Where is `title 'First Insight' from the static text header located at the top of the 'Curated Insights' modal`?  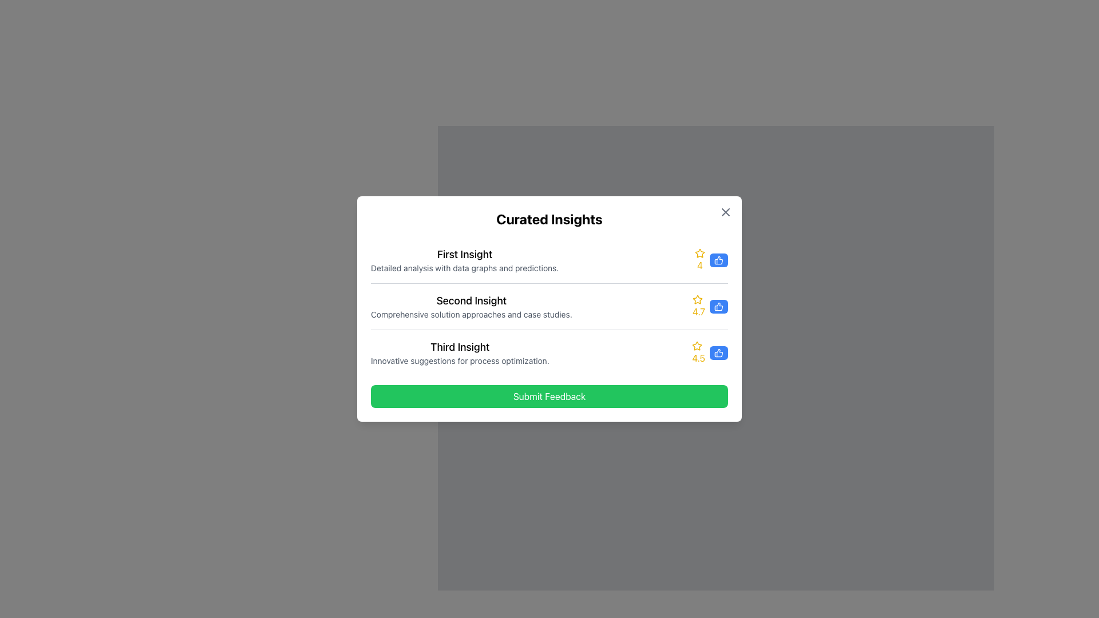 title 'First Insight' from the static text header located at the top of the 'Curated Insights' modal is located at coordinates (465, 253).